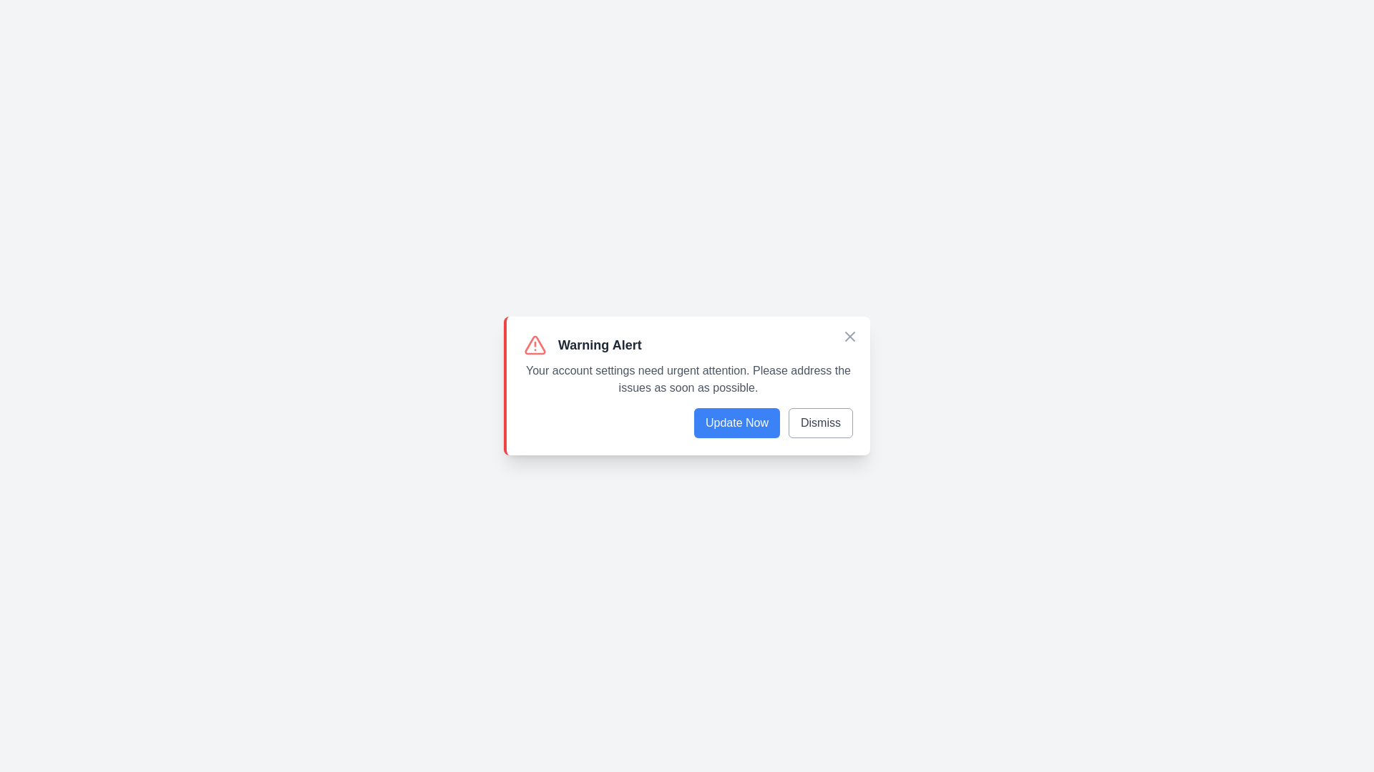  What do you see at coordinates (821, 422) in the screenshot?
I see `the 'Dismiss' button to dismiss the notification` at bounding box center [821, 422].